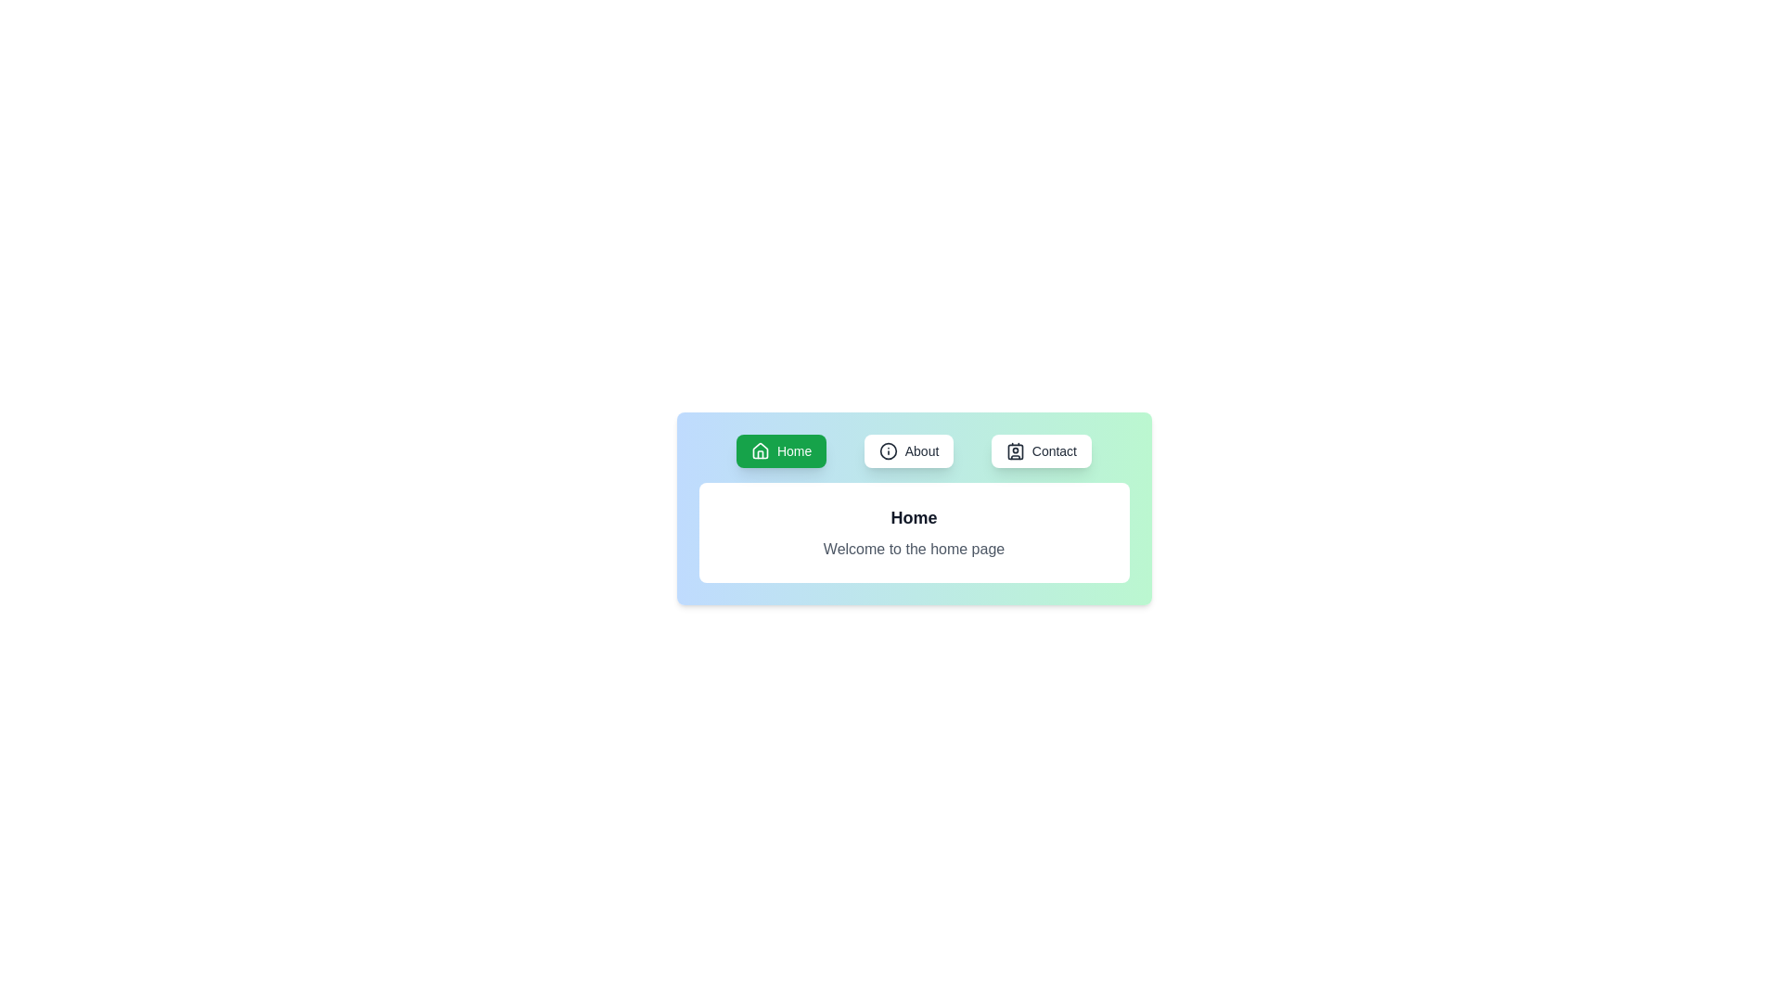  What do you see at coordinates (781, 450) in the screenshot?
I see `the button labeled Home to observe its visual styling change` at bounding box center [781, 450].